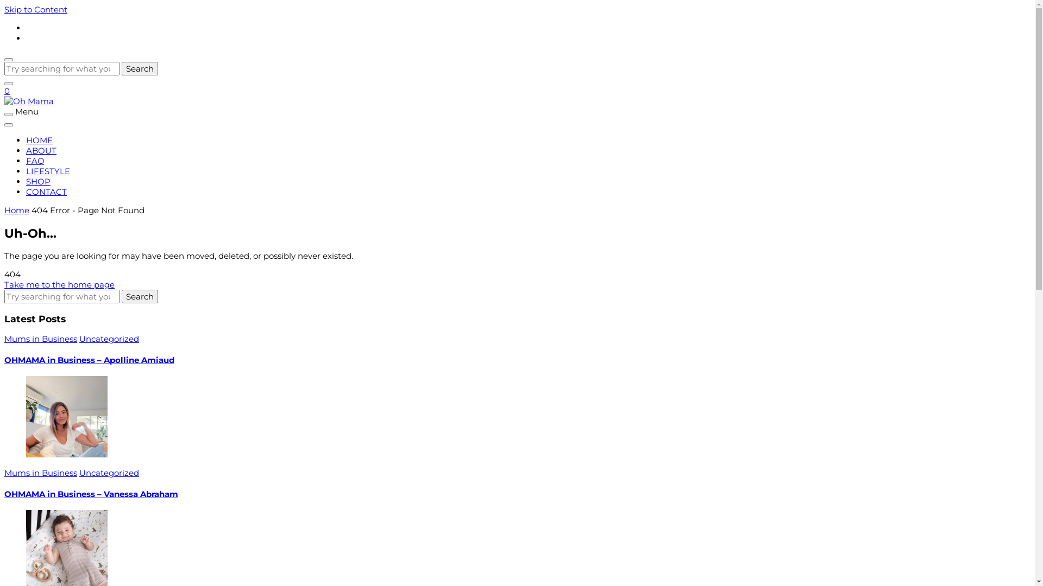 The image size is (1043, 586). I want to click on 'ABOUT', so click(41, 150).